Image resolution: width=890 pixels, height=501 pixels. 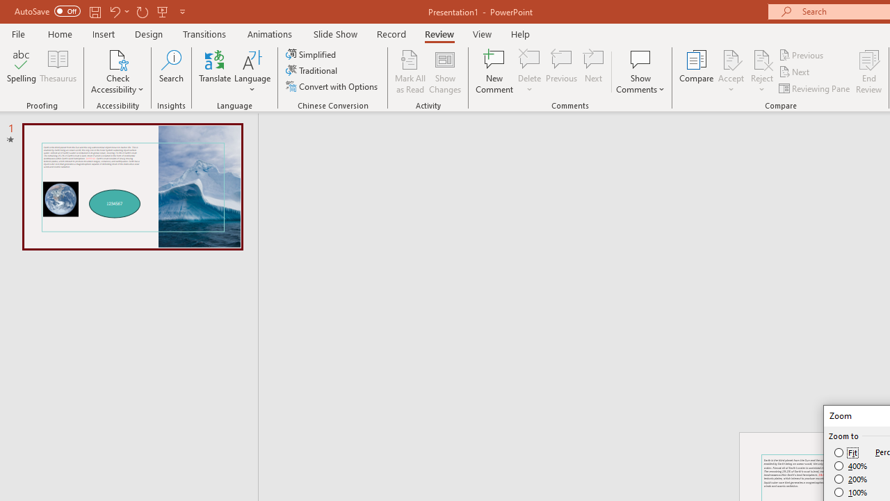 What do you see at coordinates (445, 72) in the screenshot?
I see `'Show Changes'` at bounding box center [445, 72].